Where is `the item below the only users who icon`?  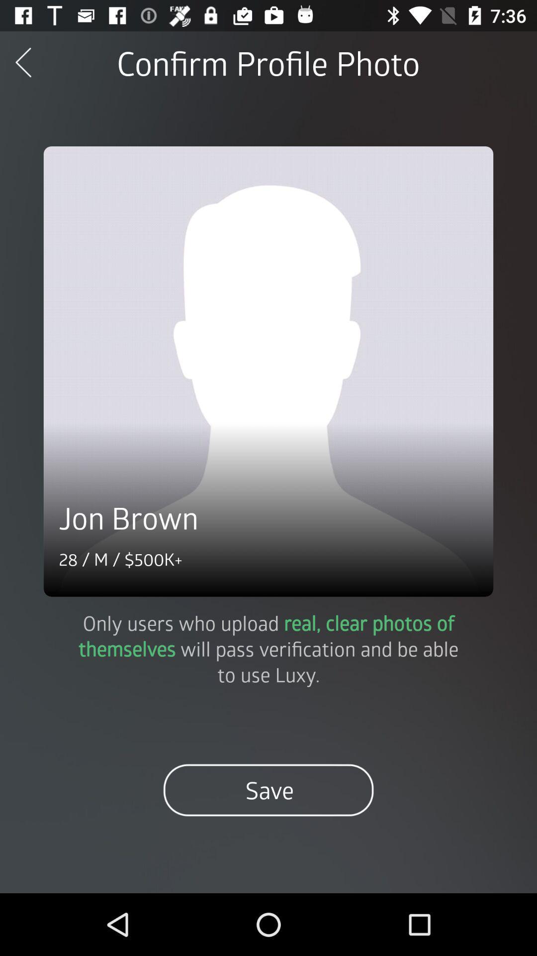
the item below the only users who icon is located at coordinates (268, 790).